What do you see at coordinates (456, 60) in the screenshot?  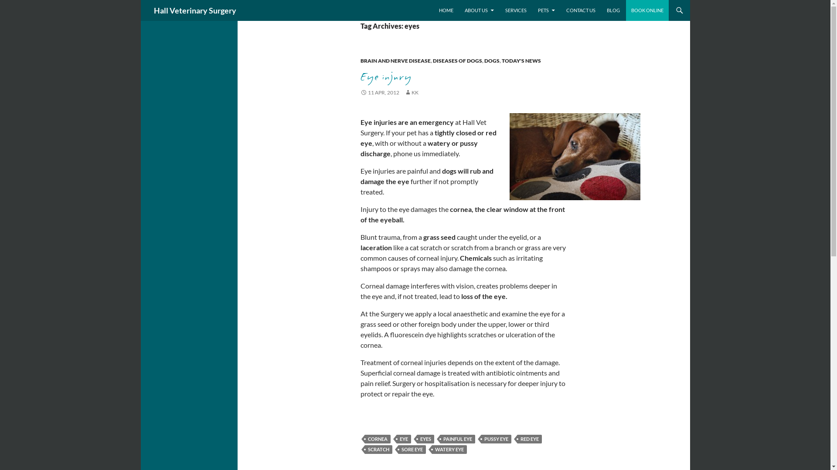 I see `'DISEASES OF DOGS'` at bounding box center [456, 60].